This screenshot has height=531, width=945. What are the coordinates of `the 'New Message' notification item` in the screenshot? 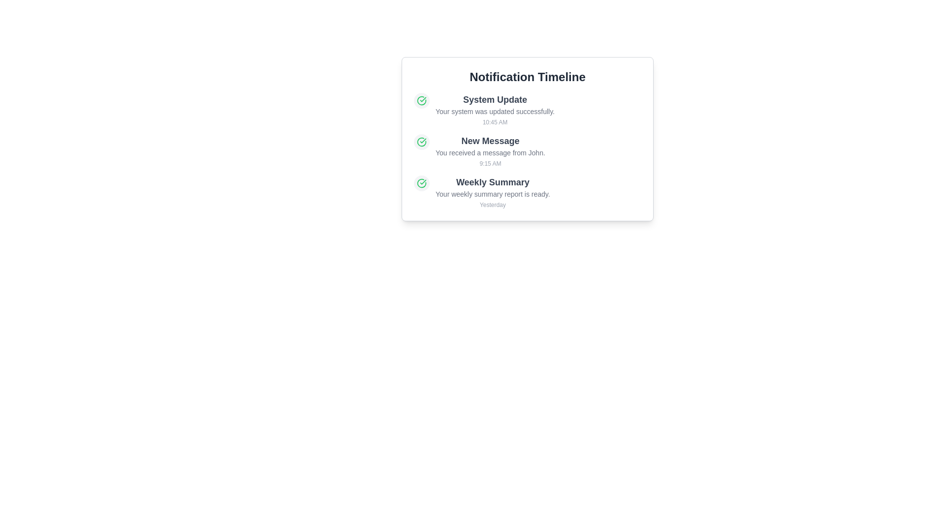 It's located at (490, 151).